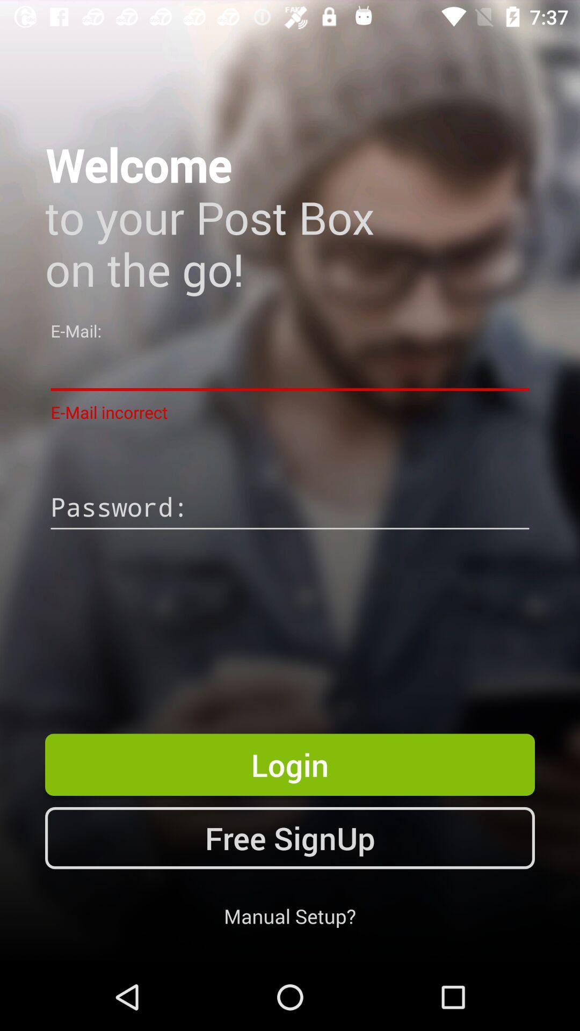 The height and width of the screenshot is (1031, 580). I want to click on password line, so click(290, 508).